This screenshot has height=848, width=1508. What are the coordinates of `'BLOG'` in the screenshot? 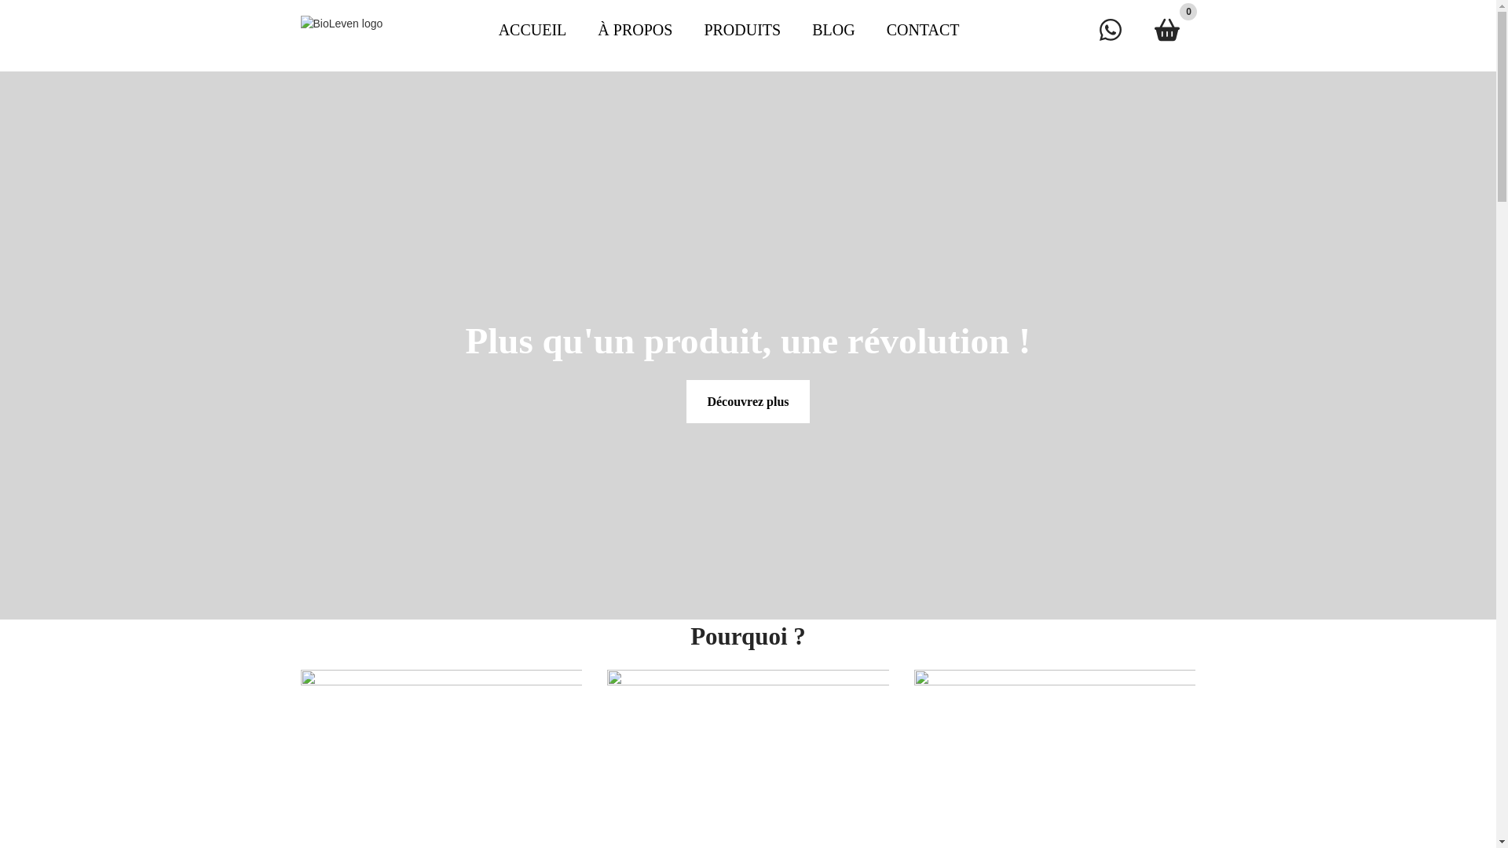 It's located at (796, 30).